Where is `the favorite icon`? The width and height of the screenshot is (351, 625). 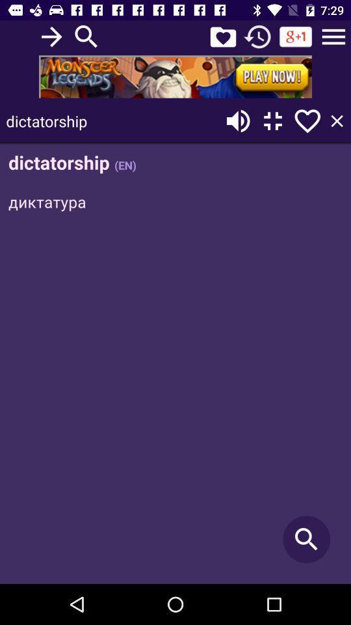
the favorite icon is located at coordinates (307, 120).